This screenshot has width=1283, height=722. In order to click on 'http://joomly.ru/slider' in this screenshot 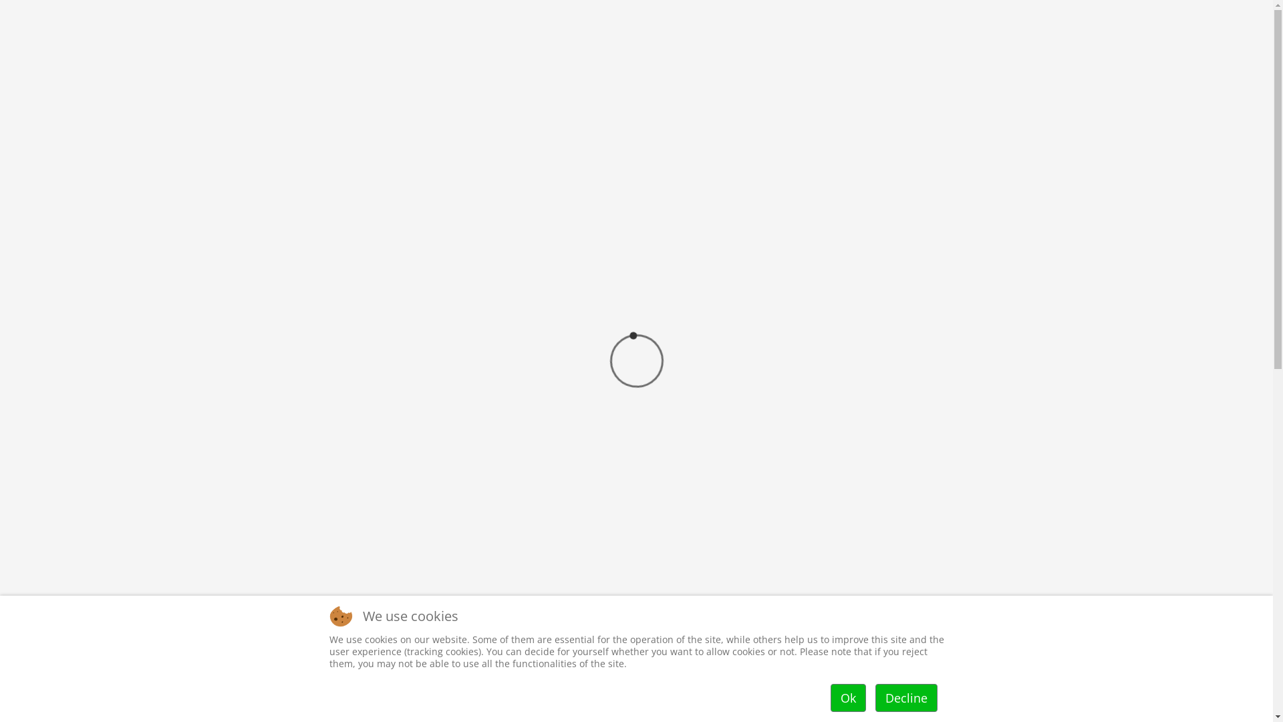, I will do `click(1000, 383)`.